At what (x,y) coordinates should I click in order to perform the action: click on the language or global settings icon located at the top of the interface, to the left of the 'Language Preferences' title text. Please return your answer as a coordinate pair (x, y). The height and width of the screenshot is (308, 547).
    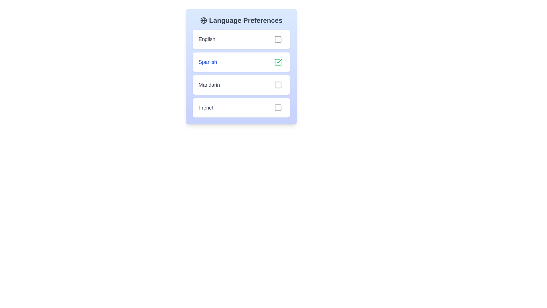
    Looking at the image, I should click on (204, 20).